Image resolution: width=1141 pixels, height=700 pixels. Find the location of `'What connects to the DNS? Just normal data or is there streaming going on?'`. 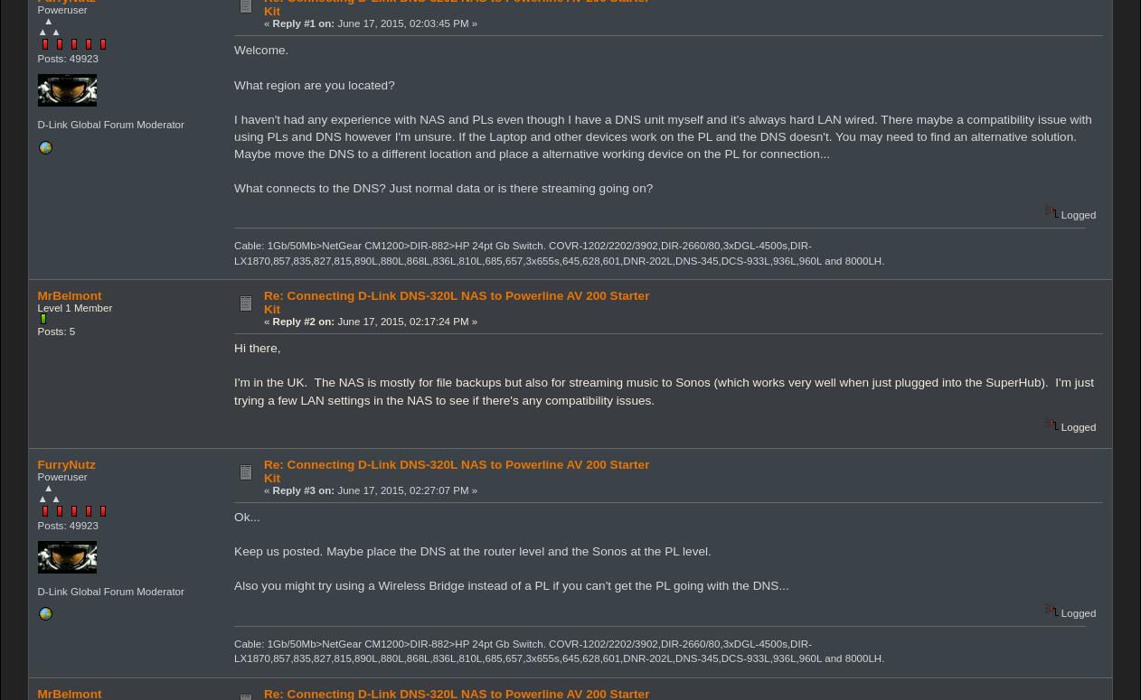

'What connects to the DNS? Just normal data or is there streaming going on?' is located at coordinates (443, 187).